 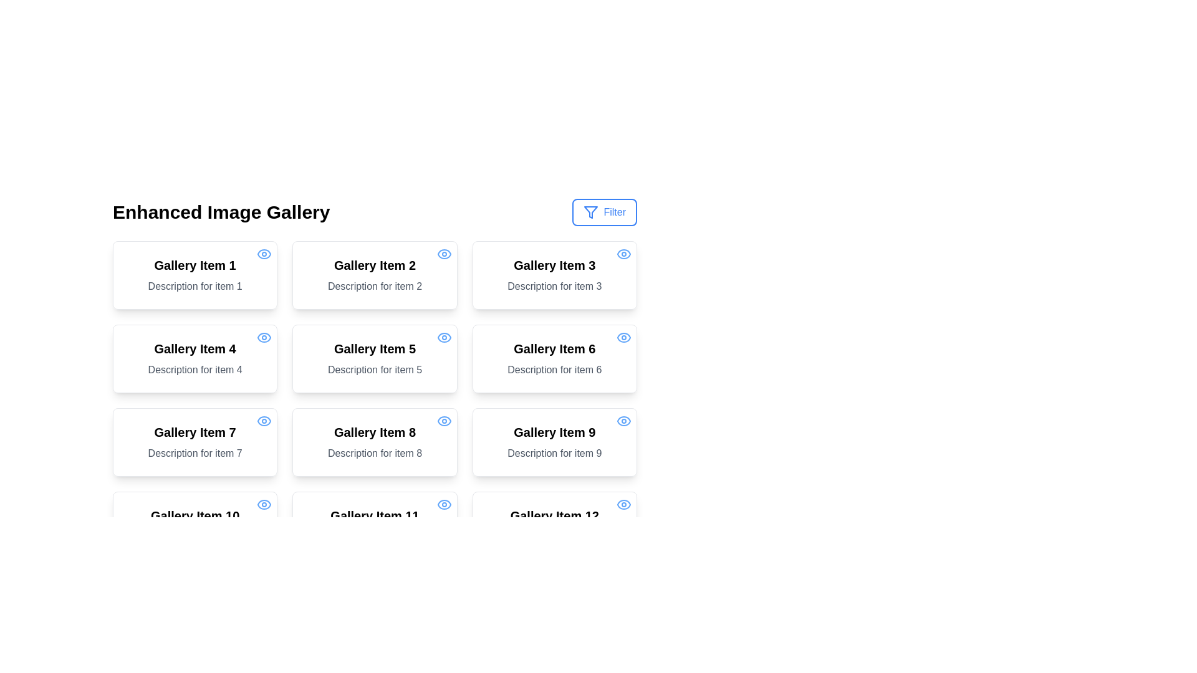 What do you see at coordinates (554, 516) in the screenshot?
I see `the text label at the top of the card labeled 'Gallery Item 12', which indicates its content or purpose to the user` at bounding box center [554, 516].